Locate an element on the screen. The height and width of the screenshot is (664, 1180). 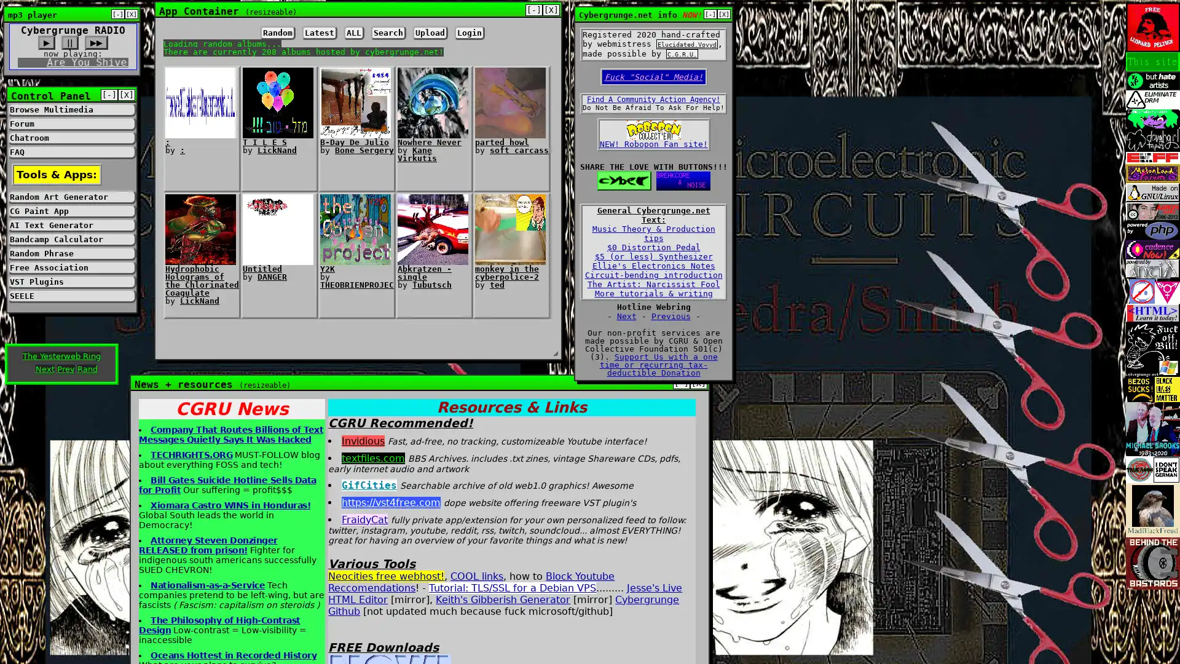
[X] is located at coordinates (551, 10).